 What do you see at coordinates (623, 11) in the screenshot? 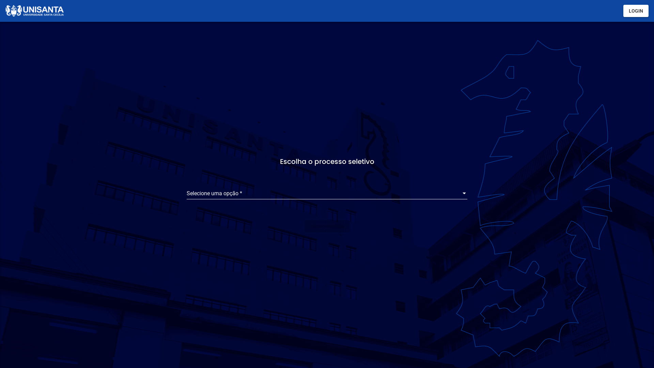
I see `'LOGIN'` at bounding box center [623, 11].